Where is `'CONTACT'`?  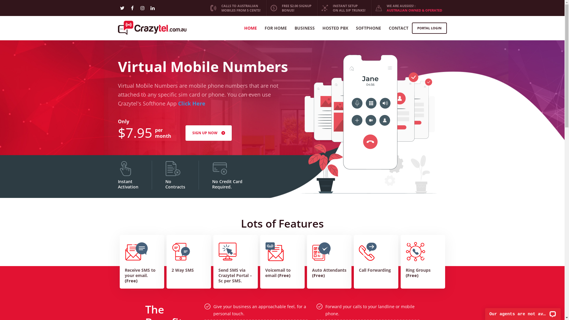 'CONTACT' is located at coordinates (389, 28).